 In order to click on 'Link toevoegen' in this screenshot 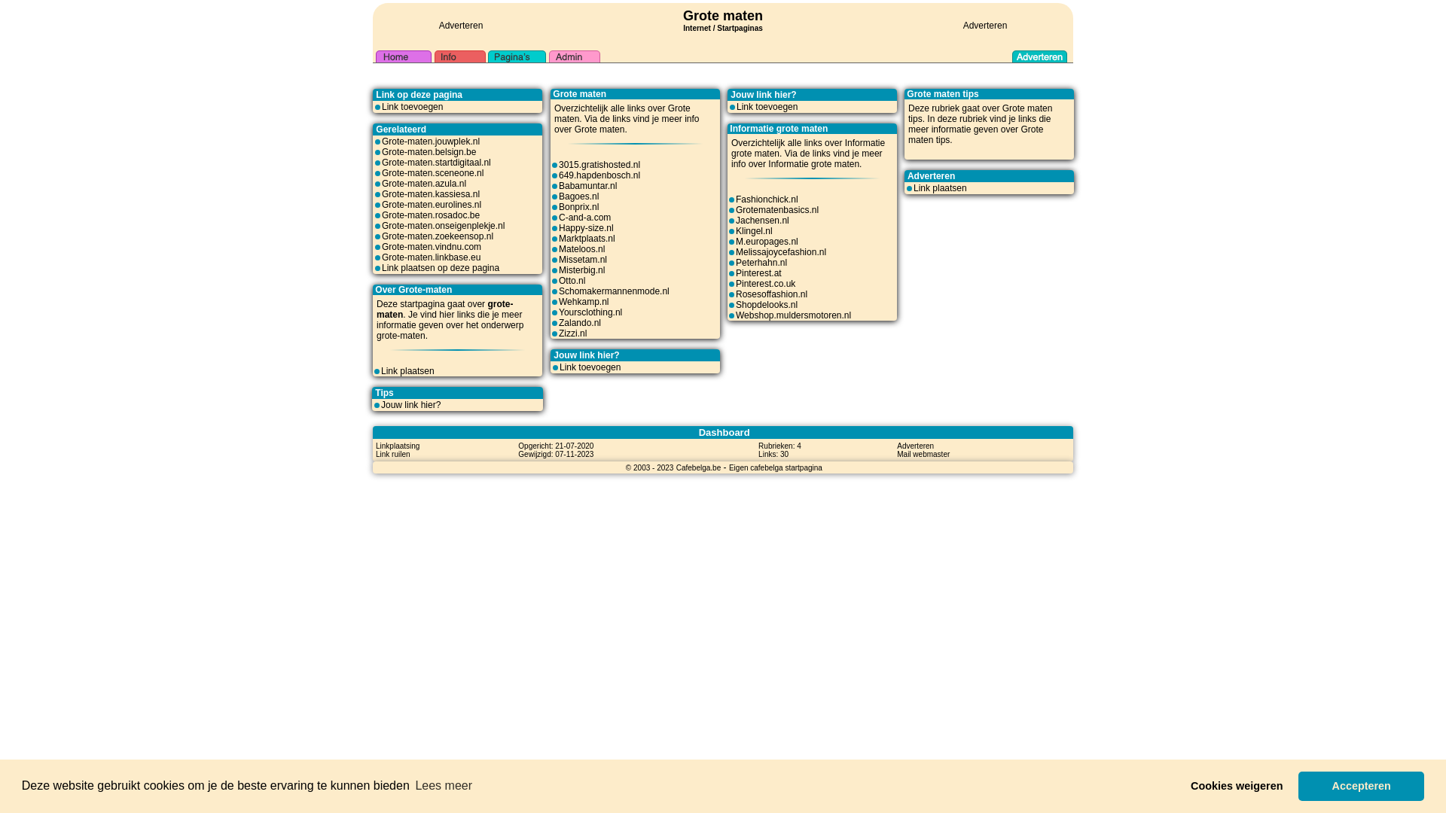, I will do `click(589, 367)`.